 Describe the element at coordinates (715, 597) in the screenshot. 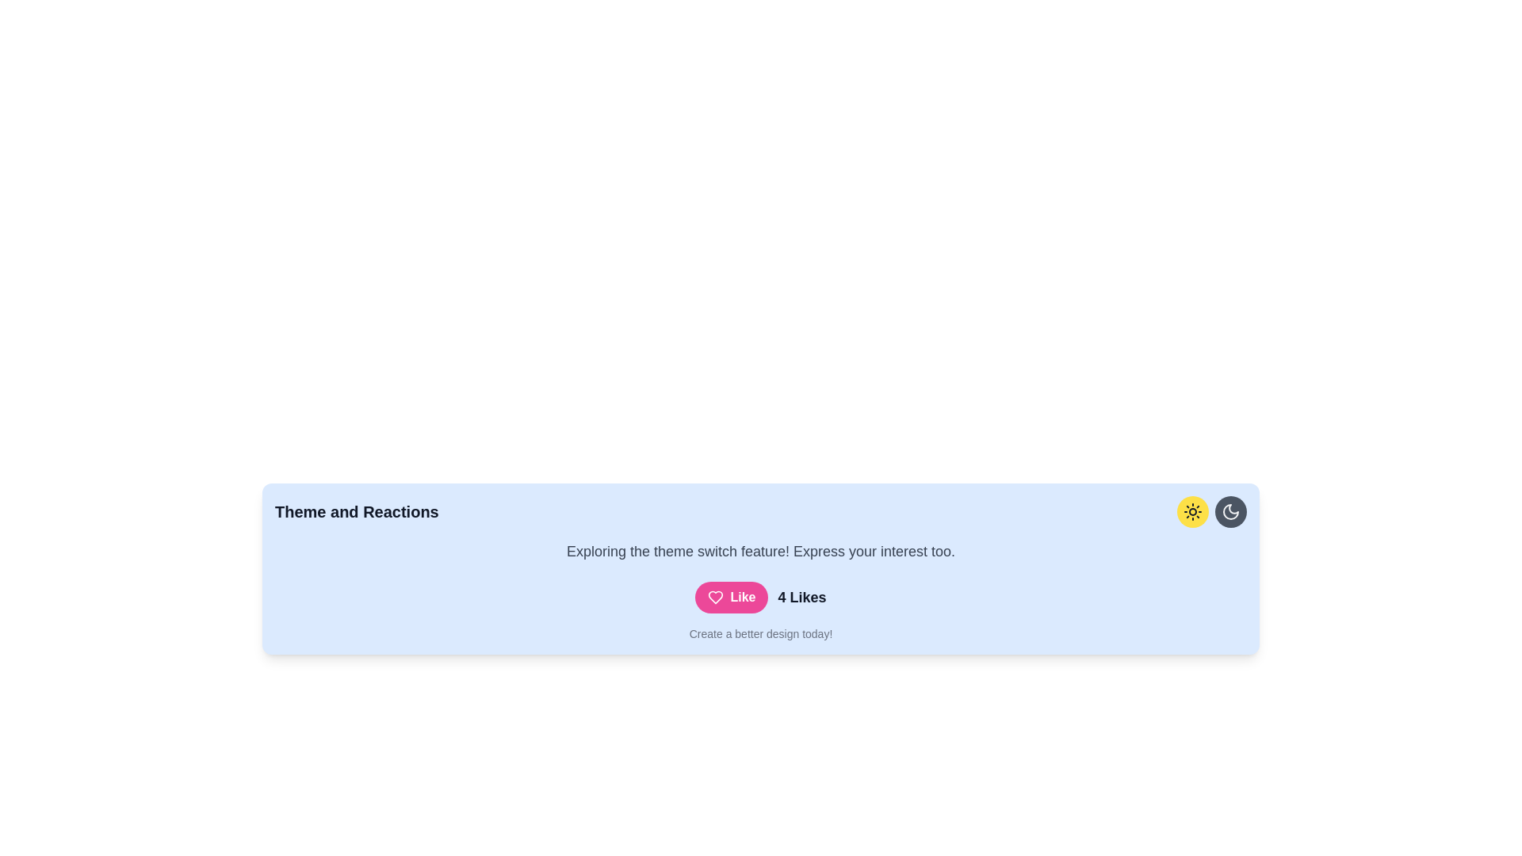

I see `heart-shaped icon within the pink 'Like' button, which is used to represent 'like' or 'favorite' actions` at that location.